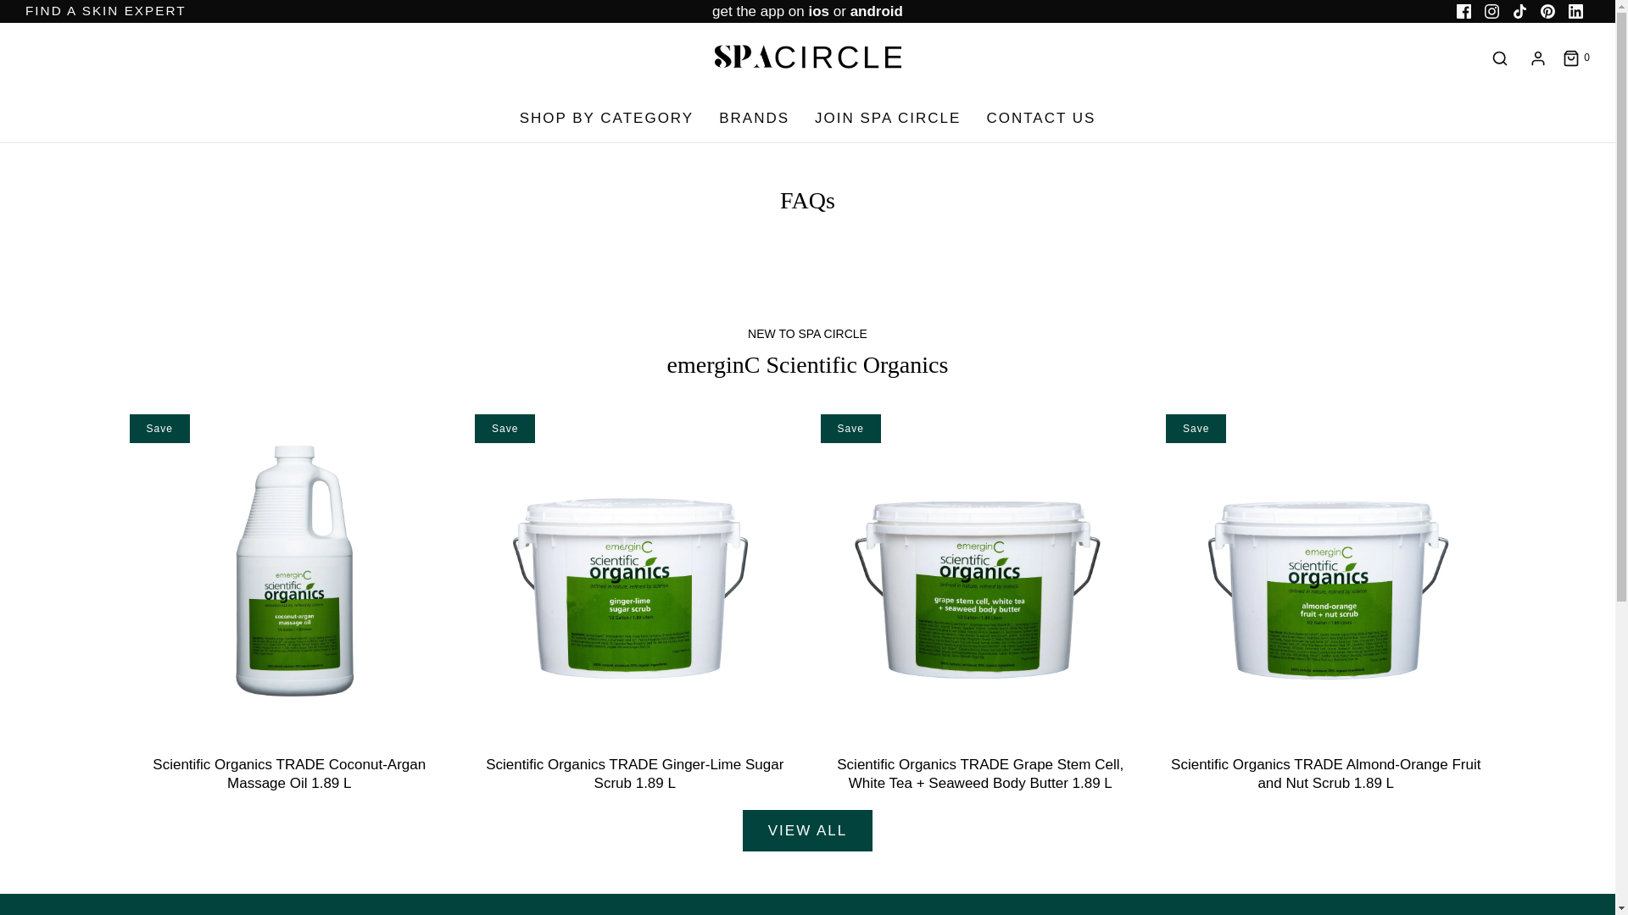 This screenshot has width=1628, height=915. I want to click on 'ios', so click(818, 11).